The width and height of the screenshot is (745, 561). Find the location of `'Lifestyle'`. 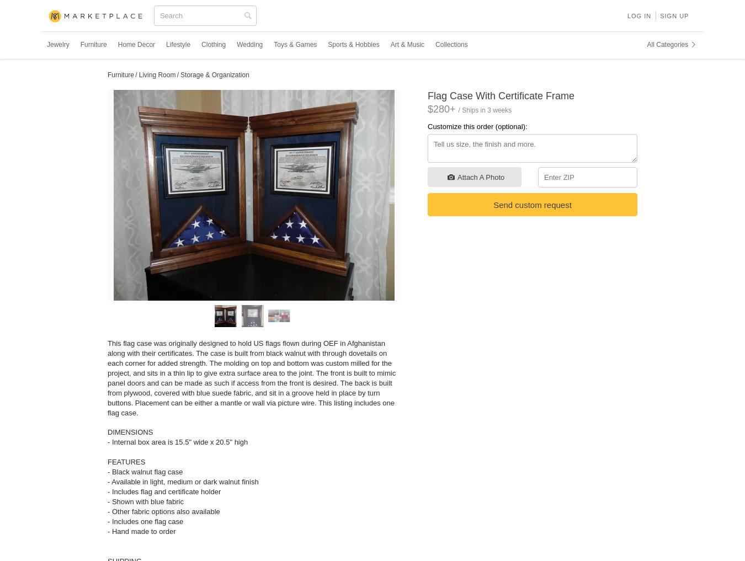

'Lifestyle' is located at coordinates (178, 44).